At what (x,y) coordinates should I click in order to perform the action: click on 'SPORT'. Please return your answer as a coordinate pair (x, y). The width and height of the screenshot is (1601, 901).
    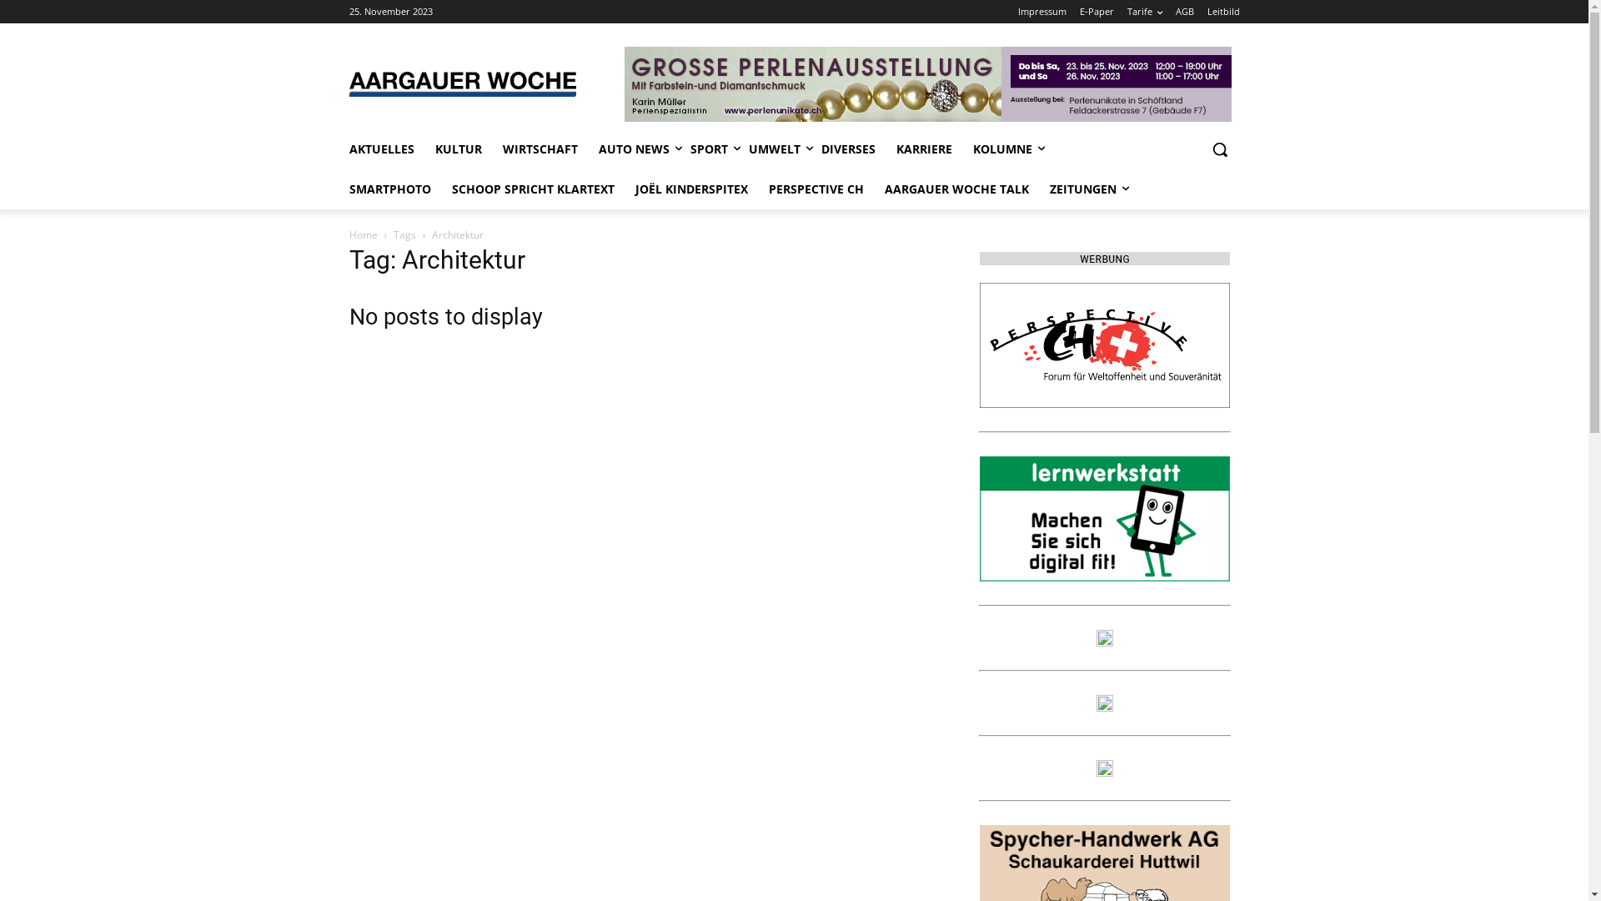
    Looking at the image, I should click on (709, 148).